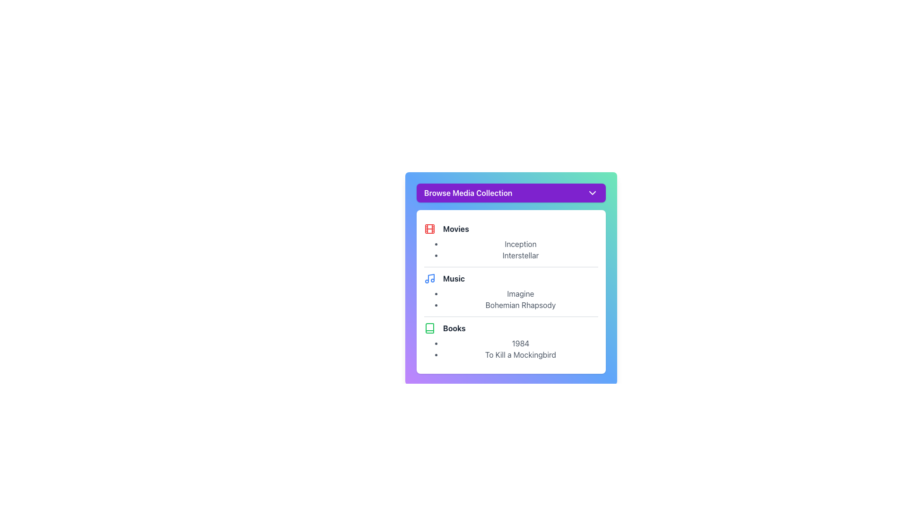 This screenshot has height=511, width=908. I want to click on the green outlined book icon located in the 'Books' section of the media collection interface, positioned left of the 'Books' title text, so click(429, 328).